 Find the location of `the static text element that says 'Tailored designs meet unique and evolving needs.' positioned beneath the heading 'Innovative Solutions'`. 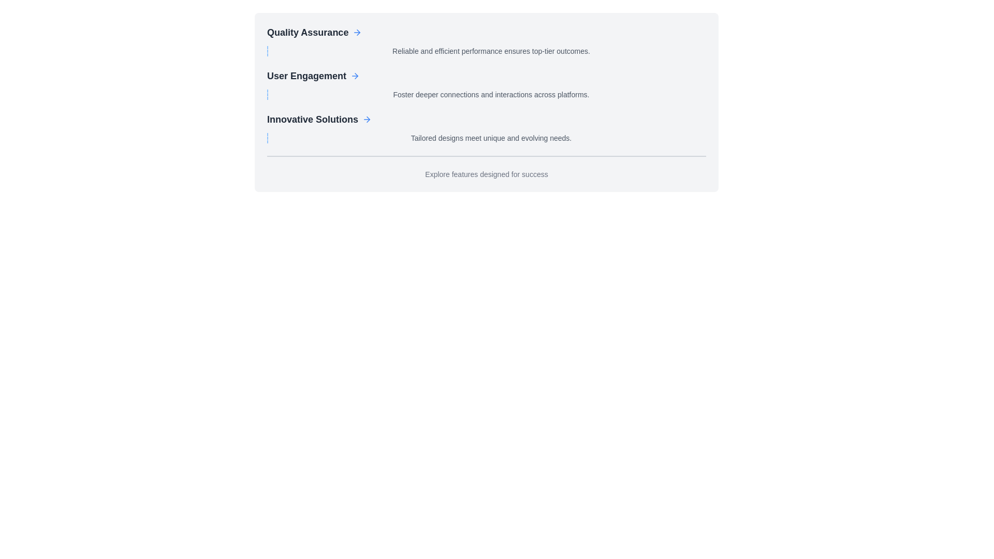

the static text element that says 'Tailored designs meet unique and evolving needs.' positioned beneath the heading 'Innovative Solutions' is located at coordinates (486, 137).